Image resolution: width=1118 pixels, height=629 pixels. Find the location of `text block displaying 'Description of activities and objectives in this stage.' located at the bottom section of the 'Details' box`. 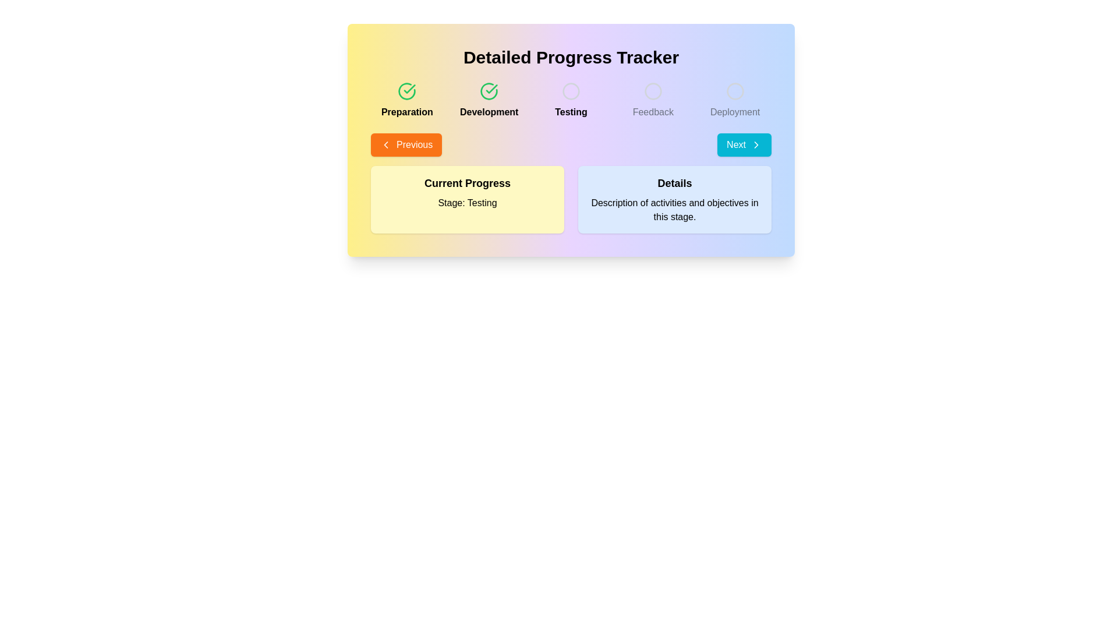

text block displaying 'Description of activities and objectives in this stage.' located at the bottom section of the 'Details' box is located at coordinates (674, 210).